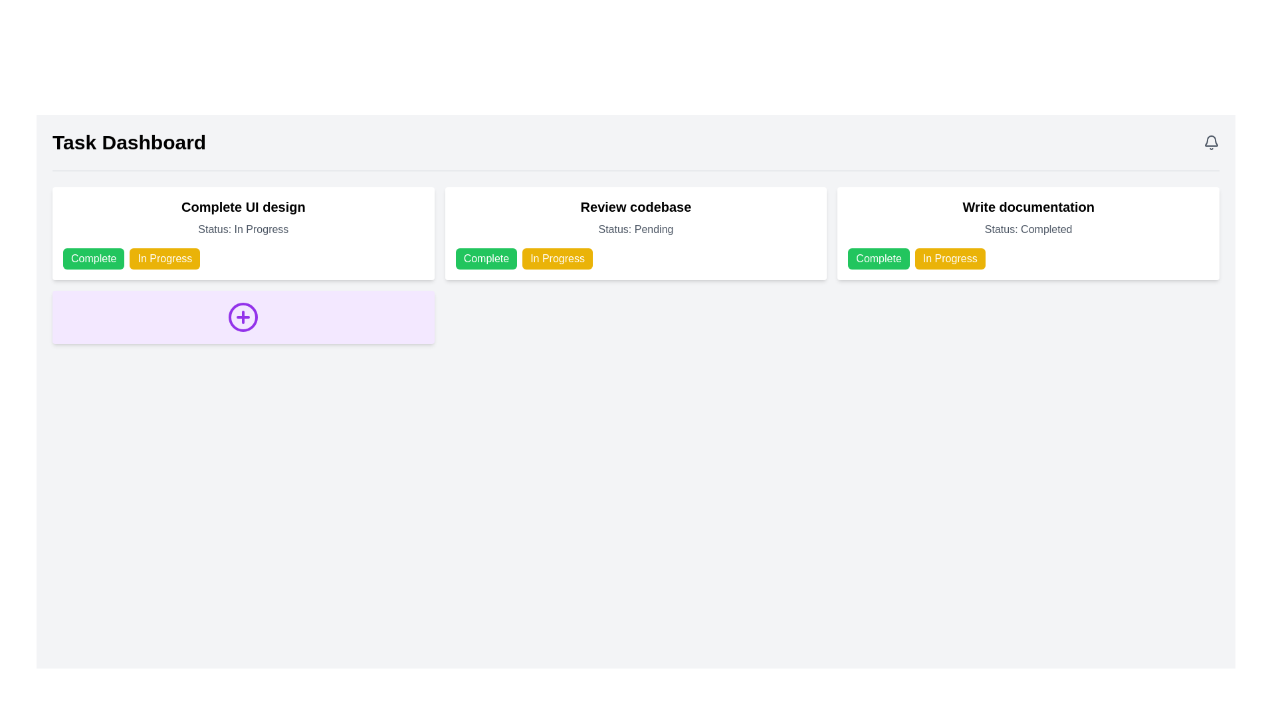  I want to click on the circular icon component of the plus sign located within the purple rectangular box below the 'Complete UI design' task card, so click(243, 317).